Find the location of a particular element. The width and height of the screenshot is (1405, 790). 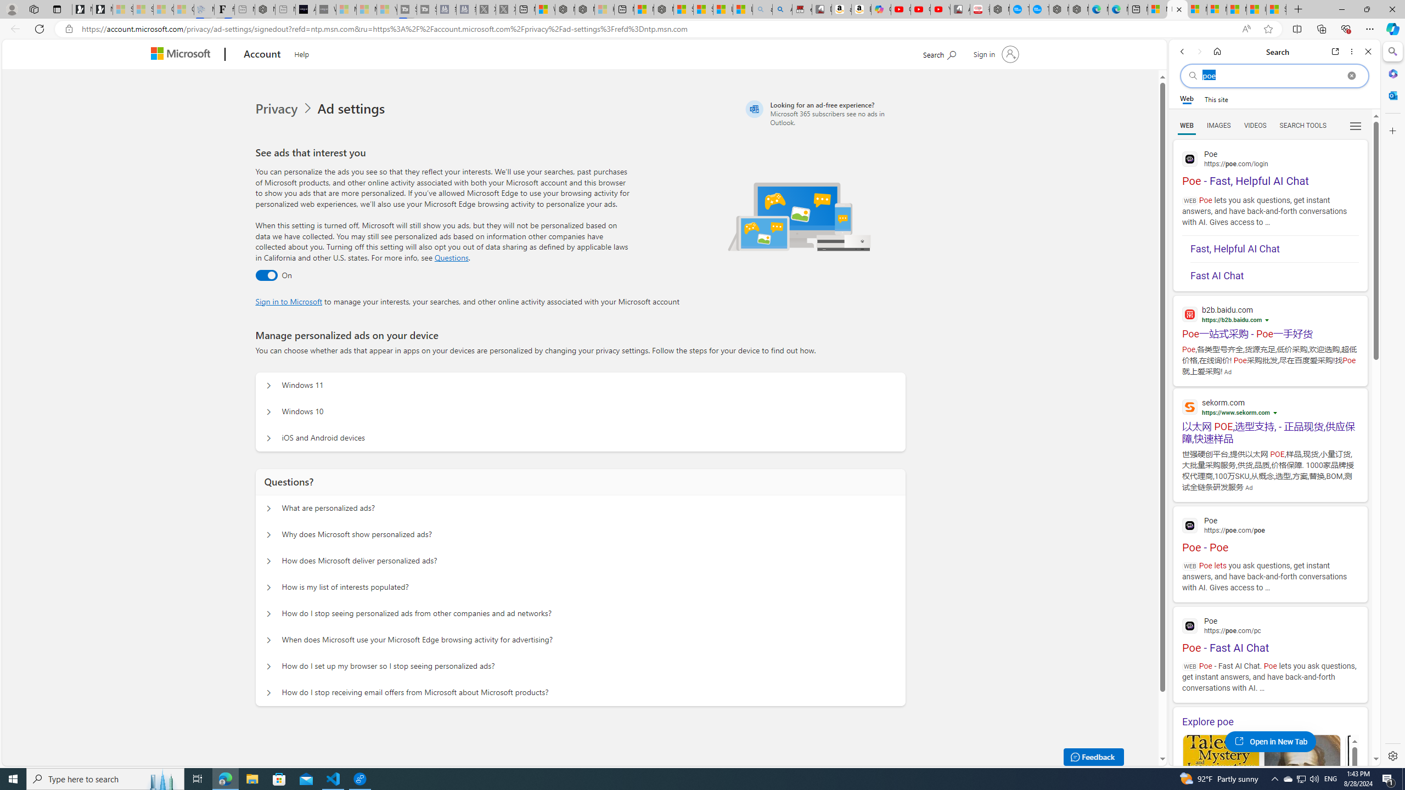

'Manage personalized ads on your device Windows 11' is located at coordinates (268, 385).